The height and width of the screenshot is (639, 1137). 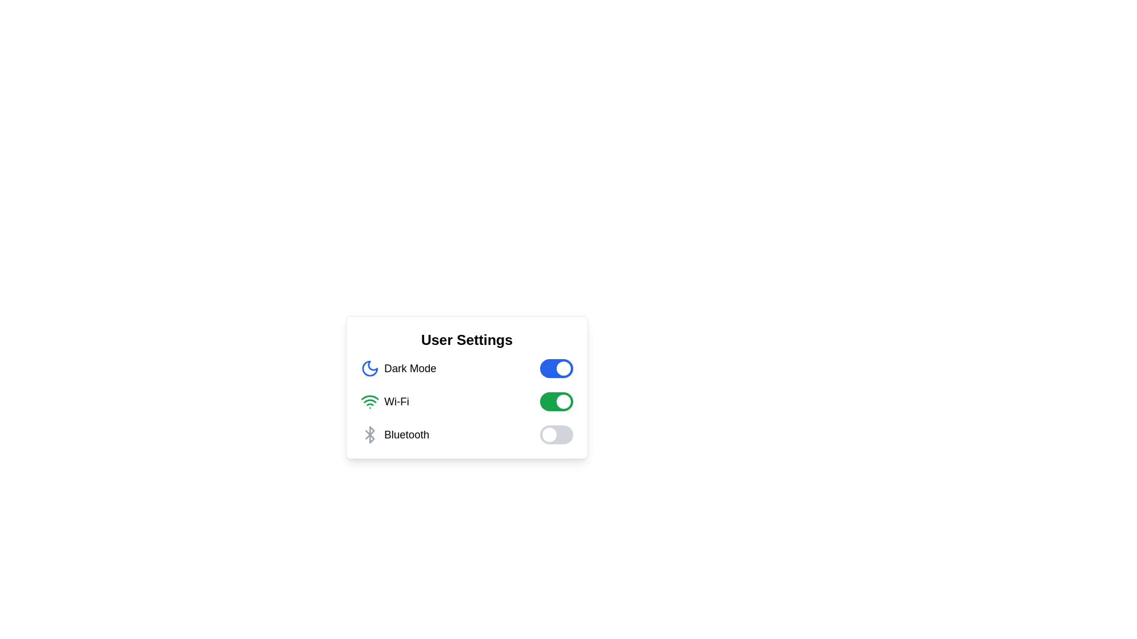 What do you see at coordinates (466, 401) in the screenshot?
I see `the Wi-Fi toggleable setting located in the second row of the settings panel, between 'Dark Mode' and 'Bluetooth'` at bounding box center [466, 401].